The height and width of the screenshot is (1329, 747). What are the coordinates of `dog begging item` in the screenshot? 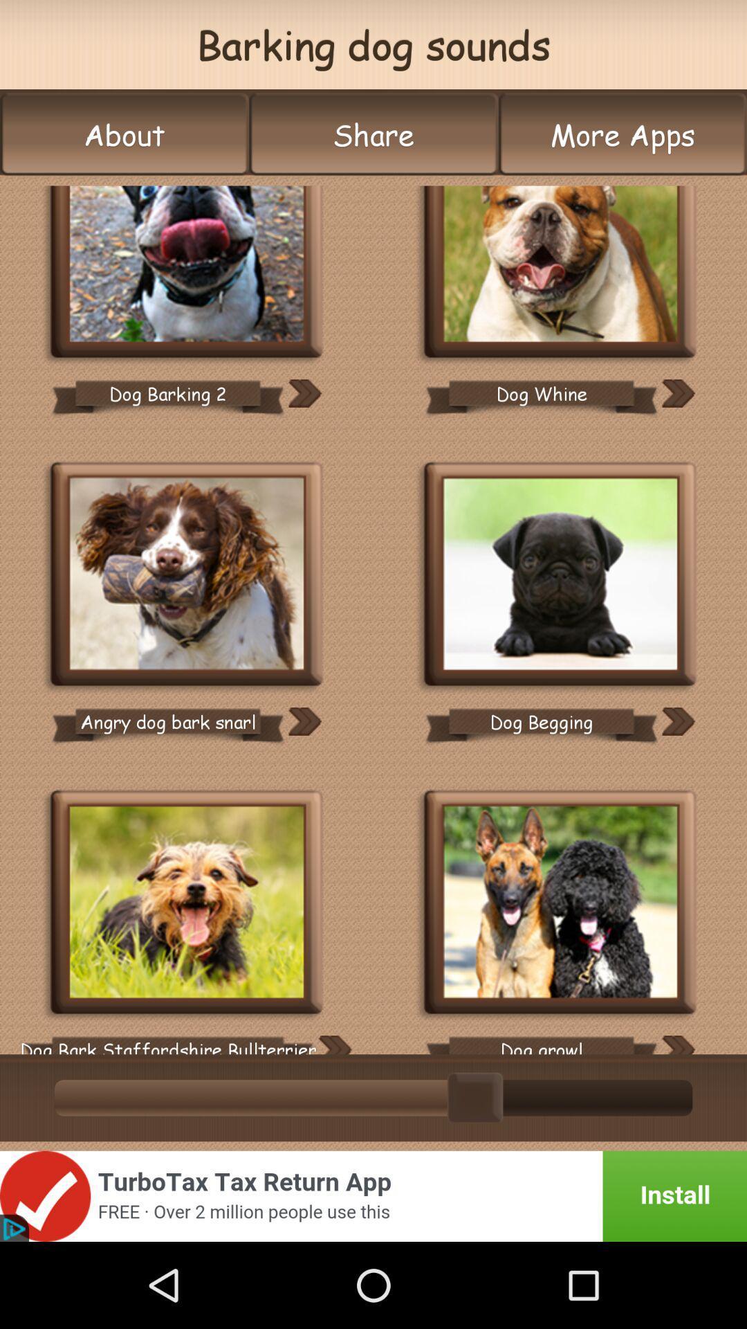 It's located at (541, 721).